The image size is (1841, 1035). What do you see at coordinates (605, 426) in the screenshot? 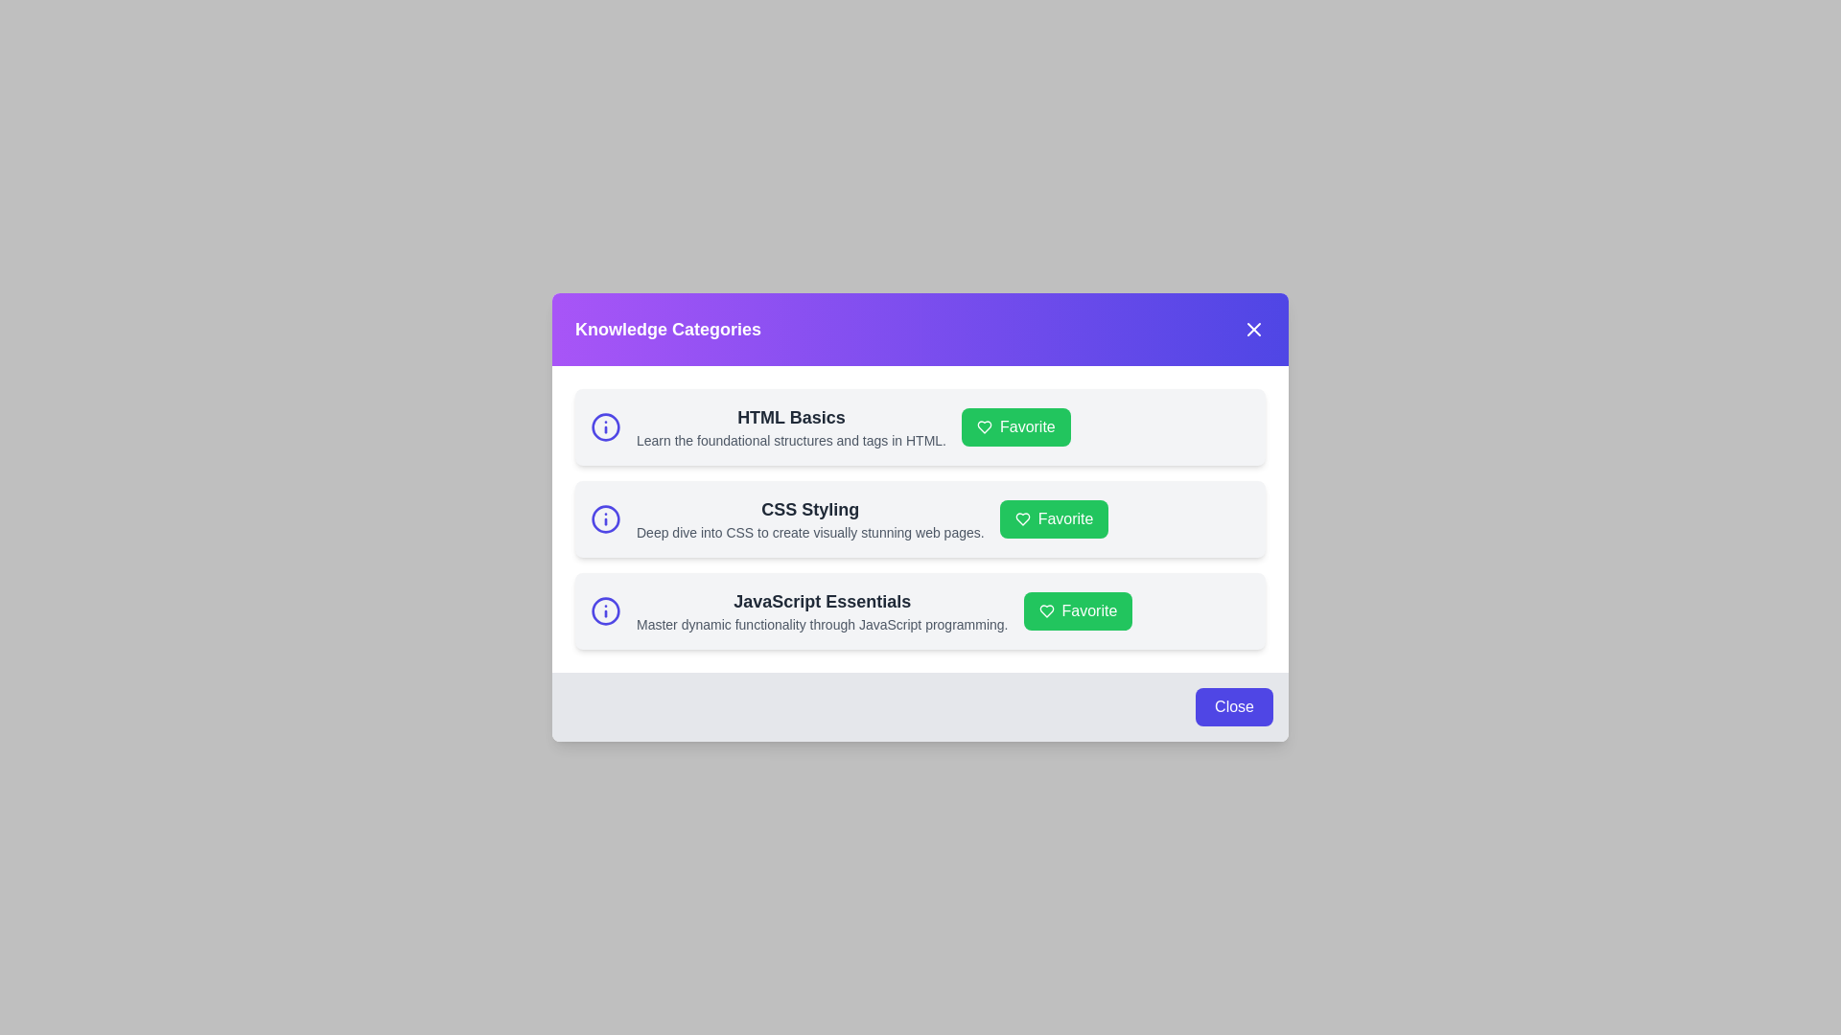
I see `the circular background element of the SVG icon representing the question mark in the 'CSS Styling' entry of the 'Knowledge Categories' dialog` at bounding box center [605, 426].